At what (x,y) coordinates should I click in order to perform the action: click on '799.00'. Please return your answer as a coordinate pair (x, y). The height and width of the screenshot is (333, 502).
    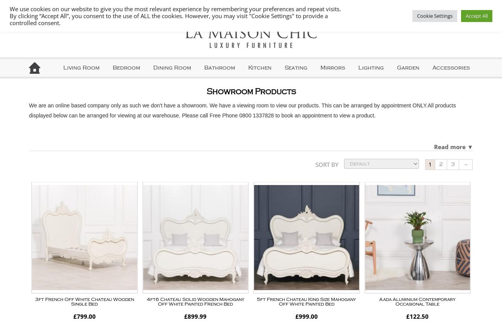
    Looking at the image, I should click on (85, 316).